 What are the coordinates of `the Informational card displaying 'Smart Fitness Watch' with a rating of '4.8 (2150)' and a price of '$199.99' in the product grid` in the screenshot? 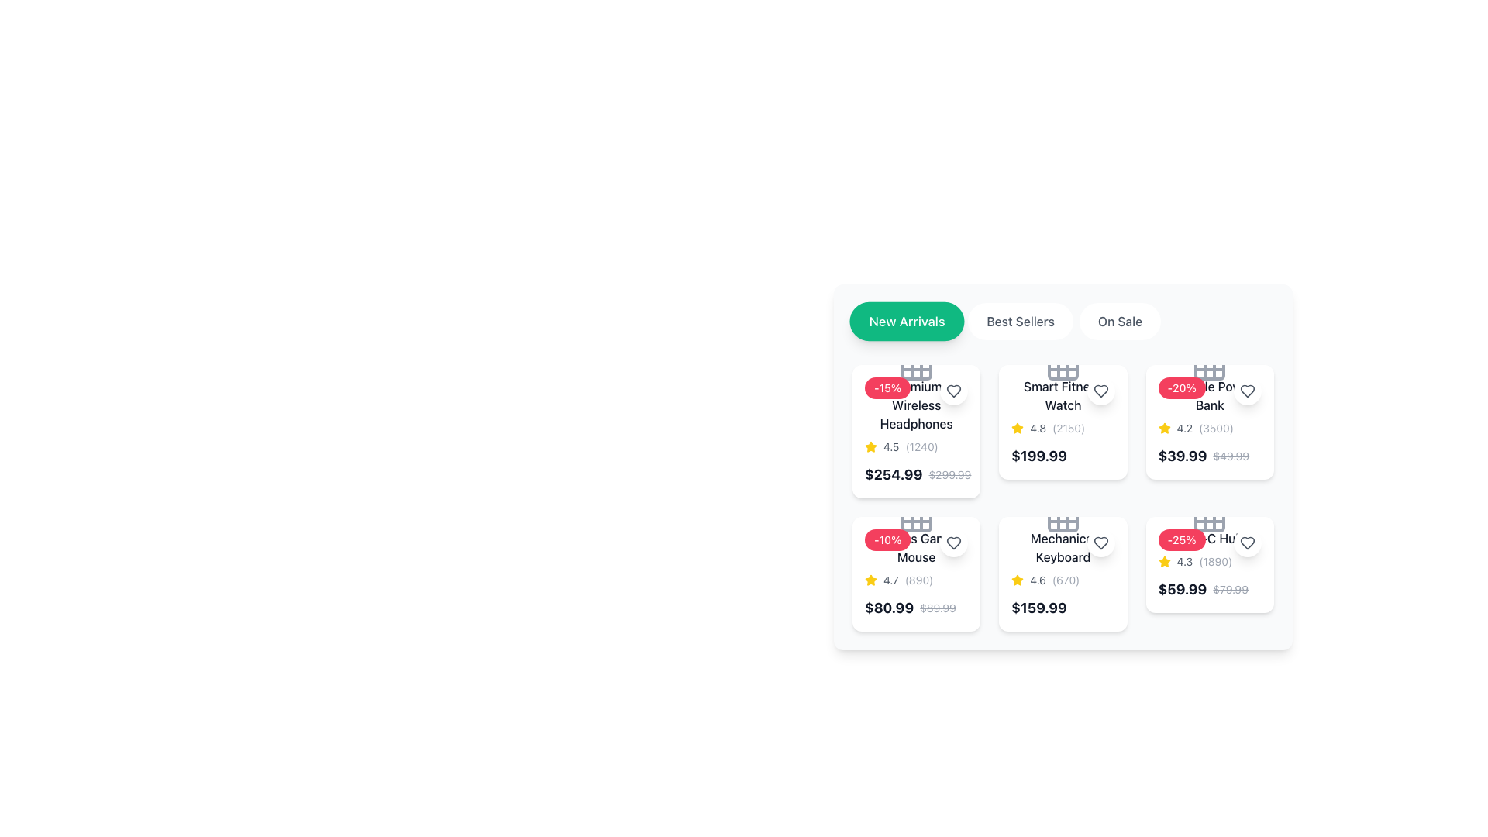 It's located at (1063, 422).